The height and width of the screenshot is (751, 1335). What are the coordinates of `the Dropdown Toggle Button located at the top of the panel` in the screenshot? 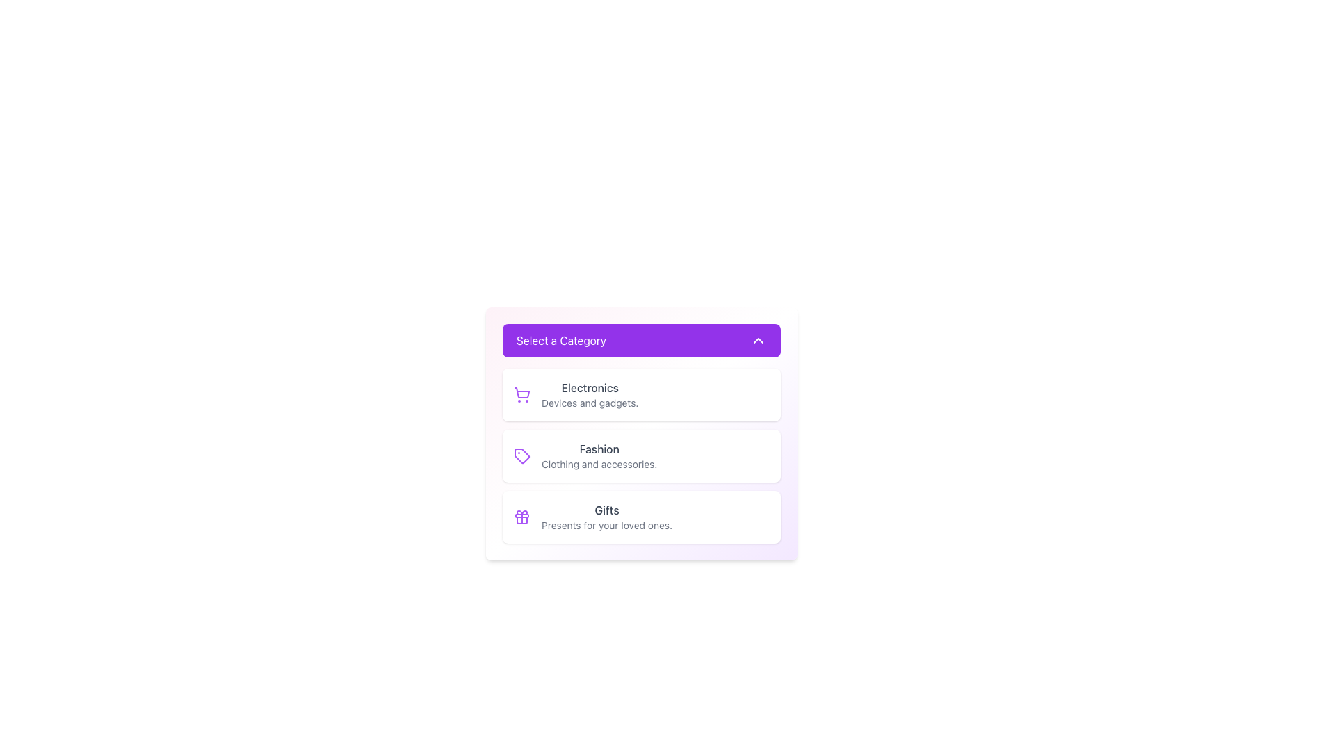 It's located at (640, 340).